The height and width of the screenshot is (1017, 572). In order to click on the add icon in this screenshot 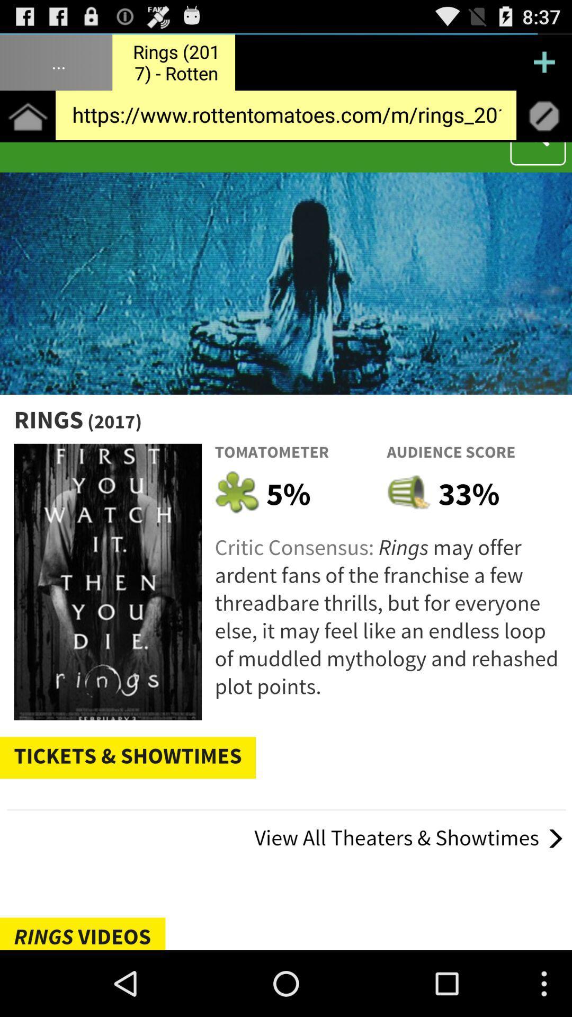, I will do `click(544, 66)`.